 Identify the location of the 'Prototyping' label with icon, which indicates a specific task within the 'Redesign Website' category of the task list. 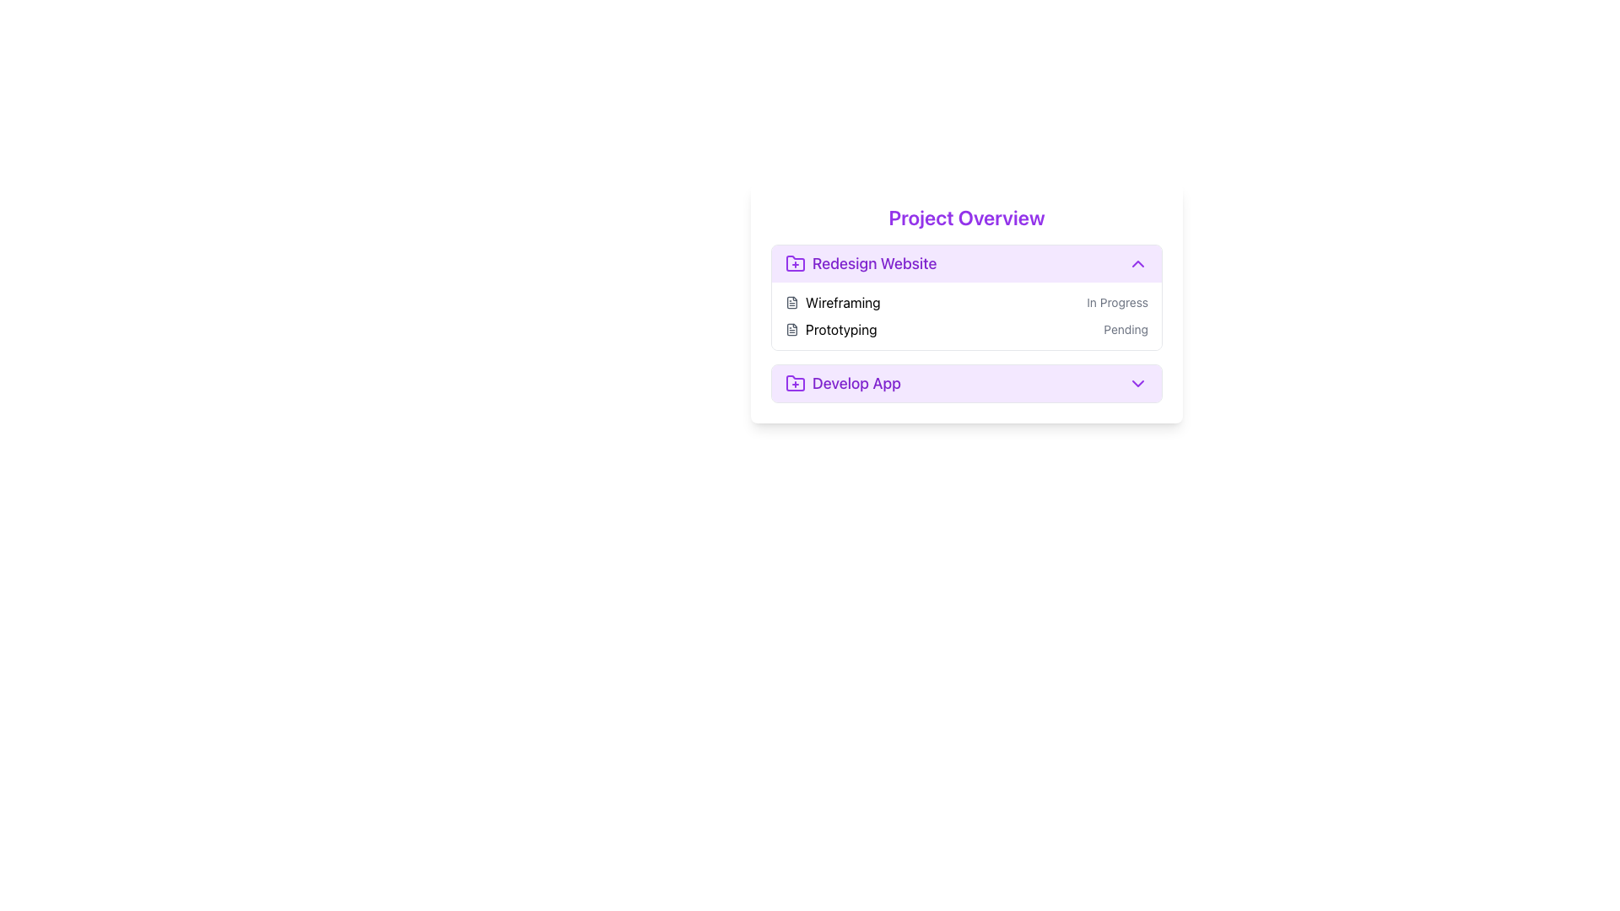
(831, 329).